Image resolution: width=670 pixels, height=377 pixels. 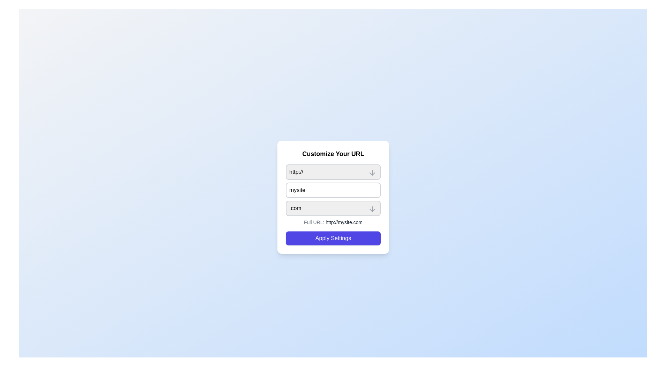 What do you see at coordinates (372, 172) in the screenshot?
I see `the down arrow icon in the top-right corner of the protocol selection dropdown` at bounding box center [372, 172].